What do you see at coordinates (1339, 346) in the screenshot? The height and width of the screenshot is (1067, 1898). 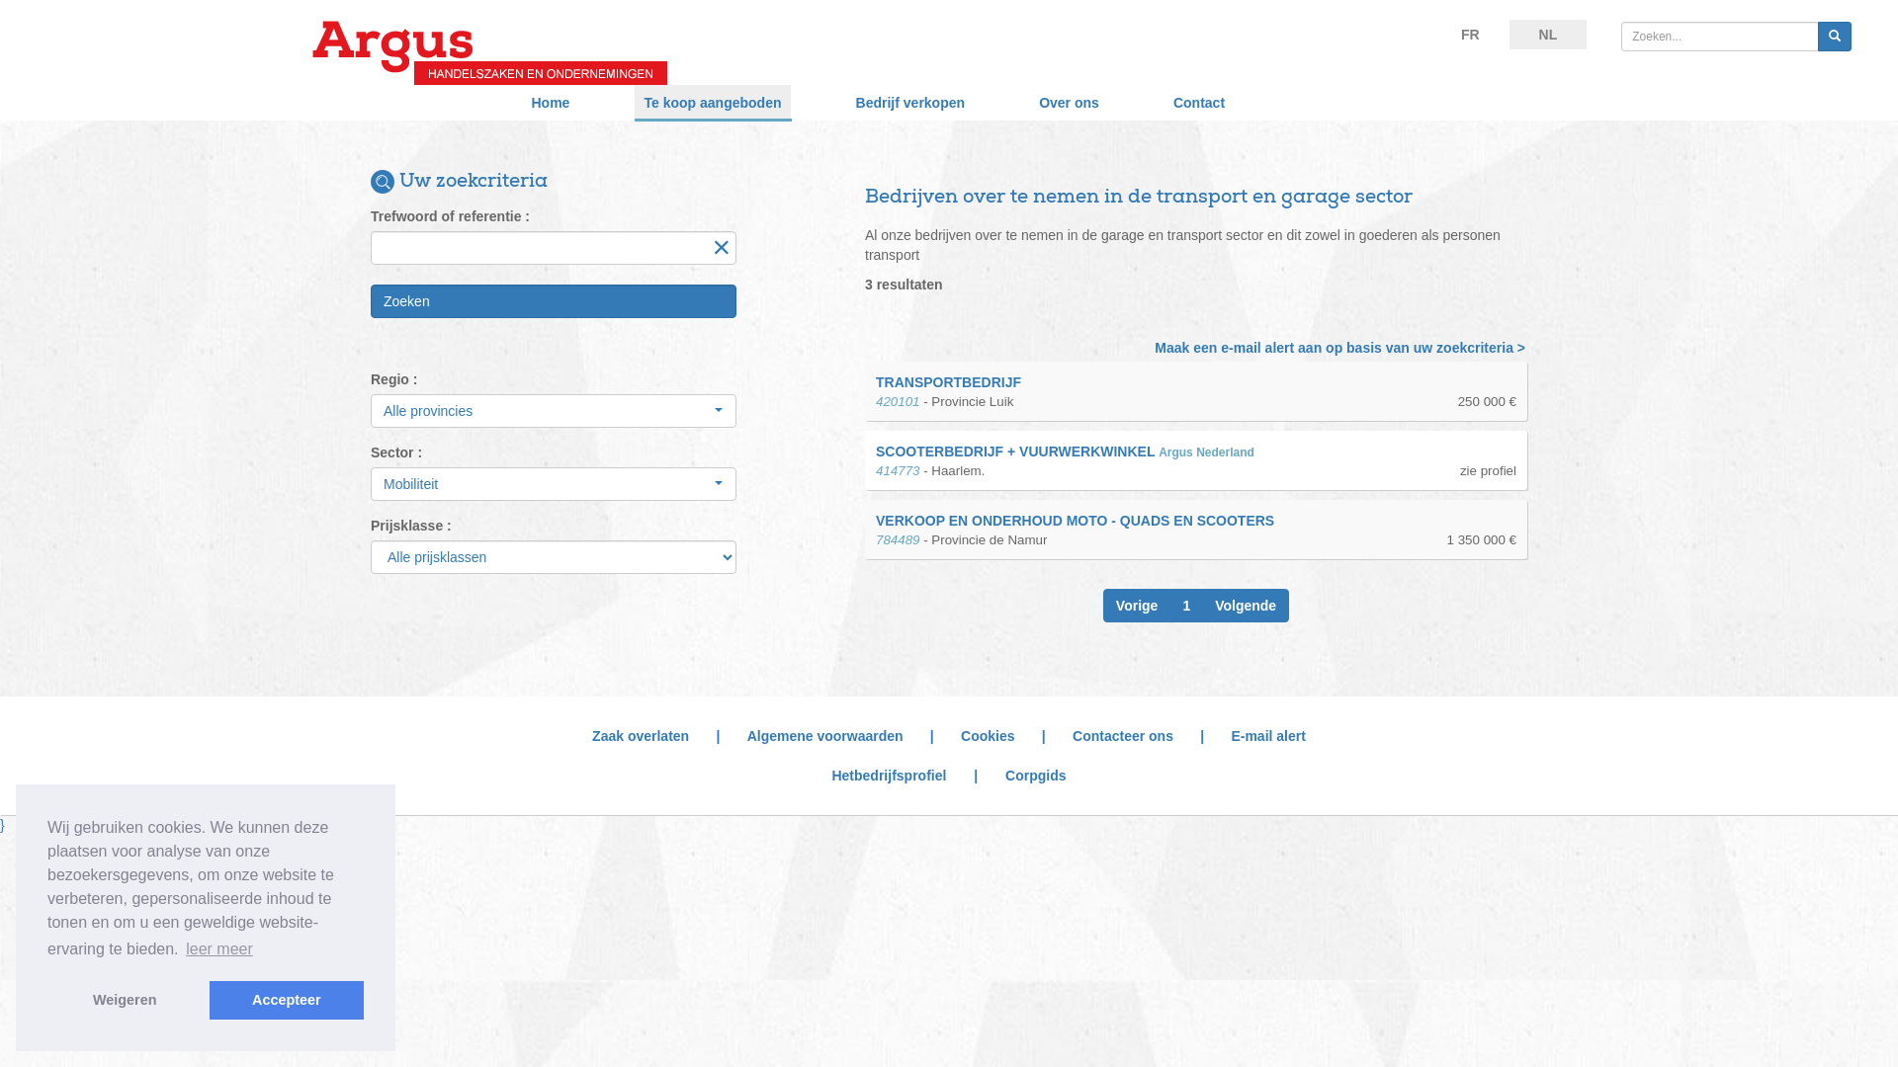 I see `'Maak een e-mail alert aan op basis van uw zoekcriteria >'` at bounding box center [1339, 346].